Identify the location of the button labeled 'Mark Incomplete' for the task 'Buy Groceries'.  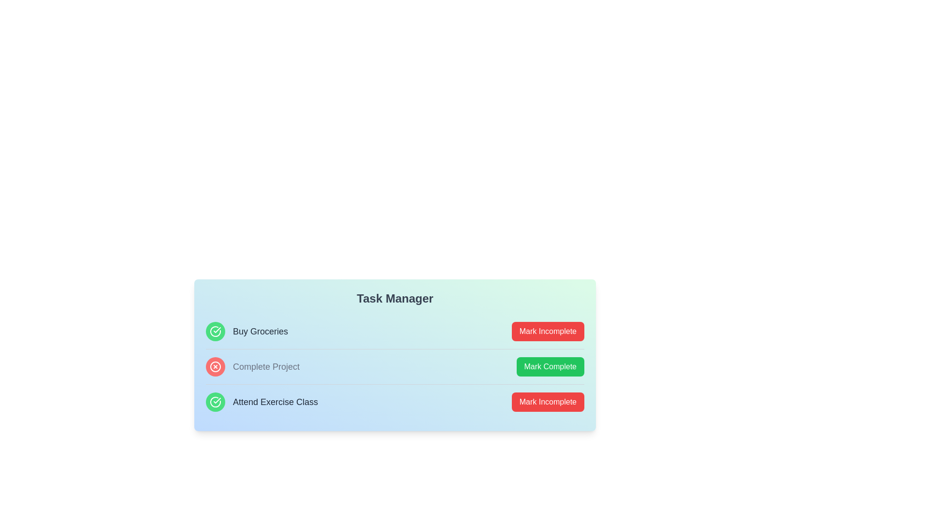
(548, 331).